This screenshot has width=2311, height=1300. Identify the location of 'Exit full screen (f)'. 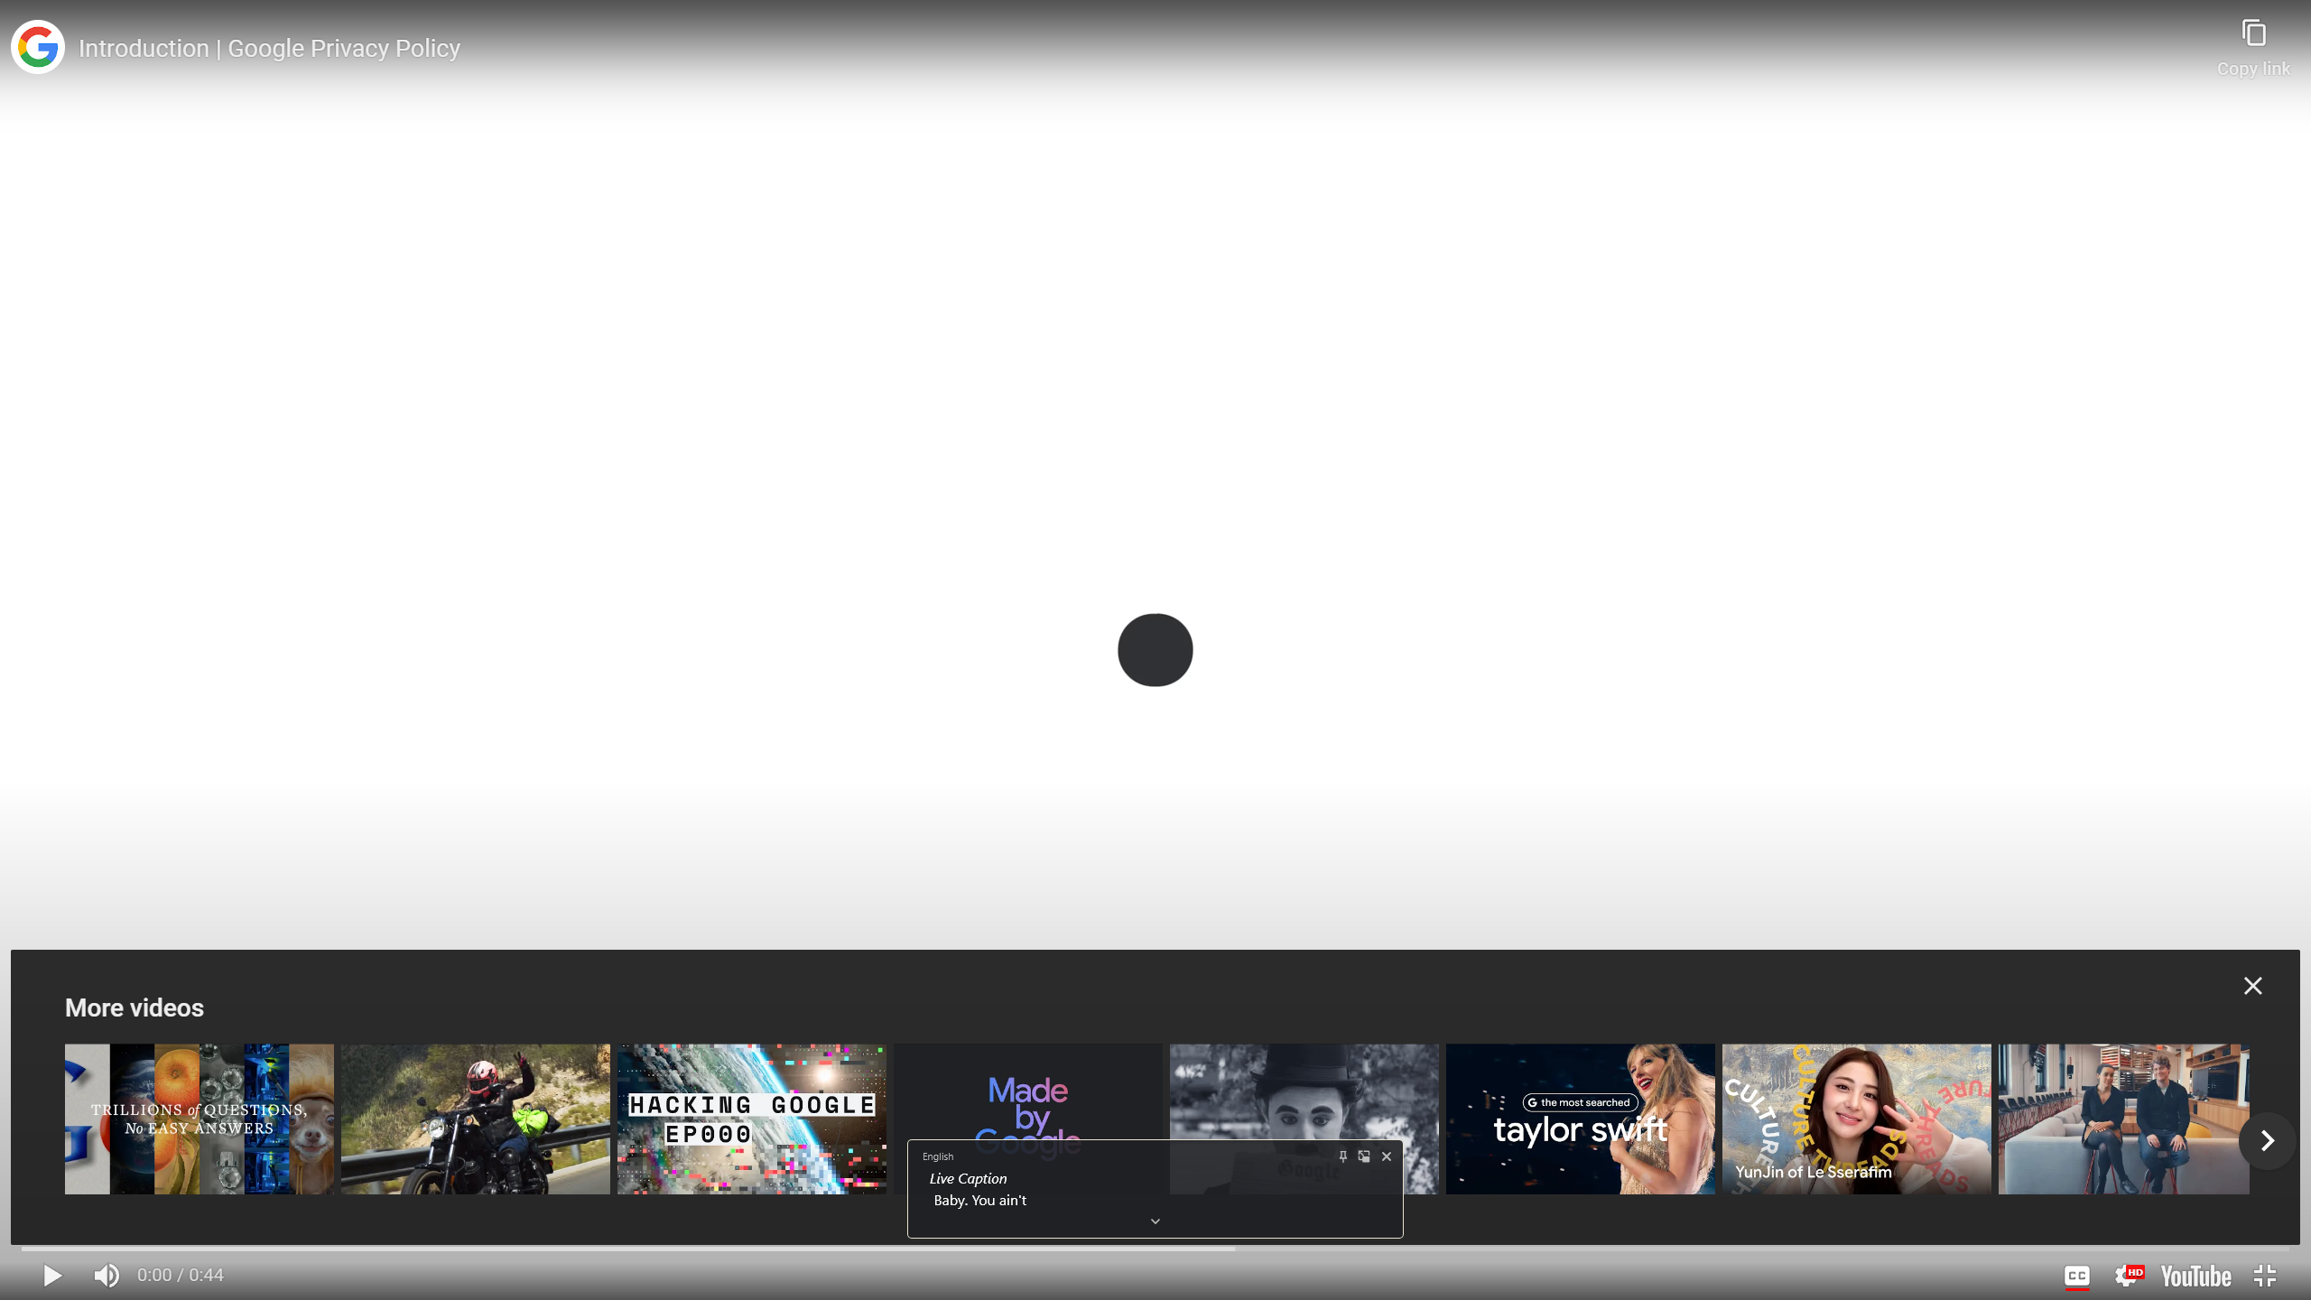
(2266, 1275).